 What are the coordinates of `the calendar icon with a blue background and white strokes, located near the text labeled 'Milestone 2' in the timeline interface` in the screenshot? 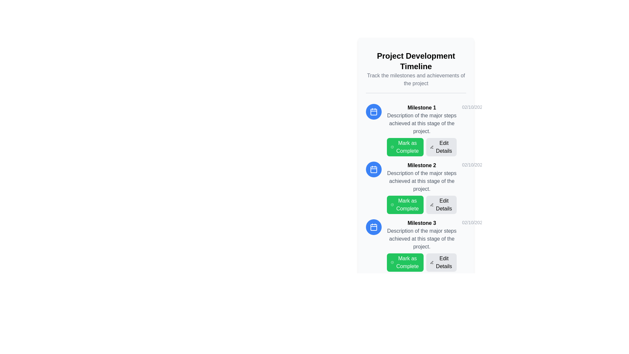 It's located at (374, 169).